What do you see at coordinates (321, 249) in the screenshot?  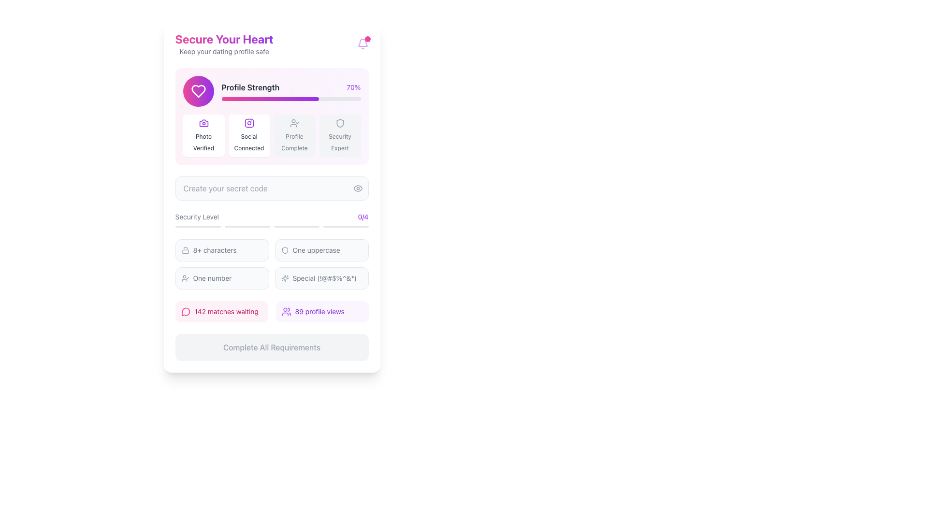 I see `text 'One uppercase' from the Label with a shield-like icon, which is located in the third row of the Security Level section, below the '8+ characters' requirement` at bounding box center [321, 249].